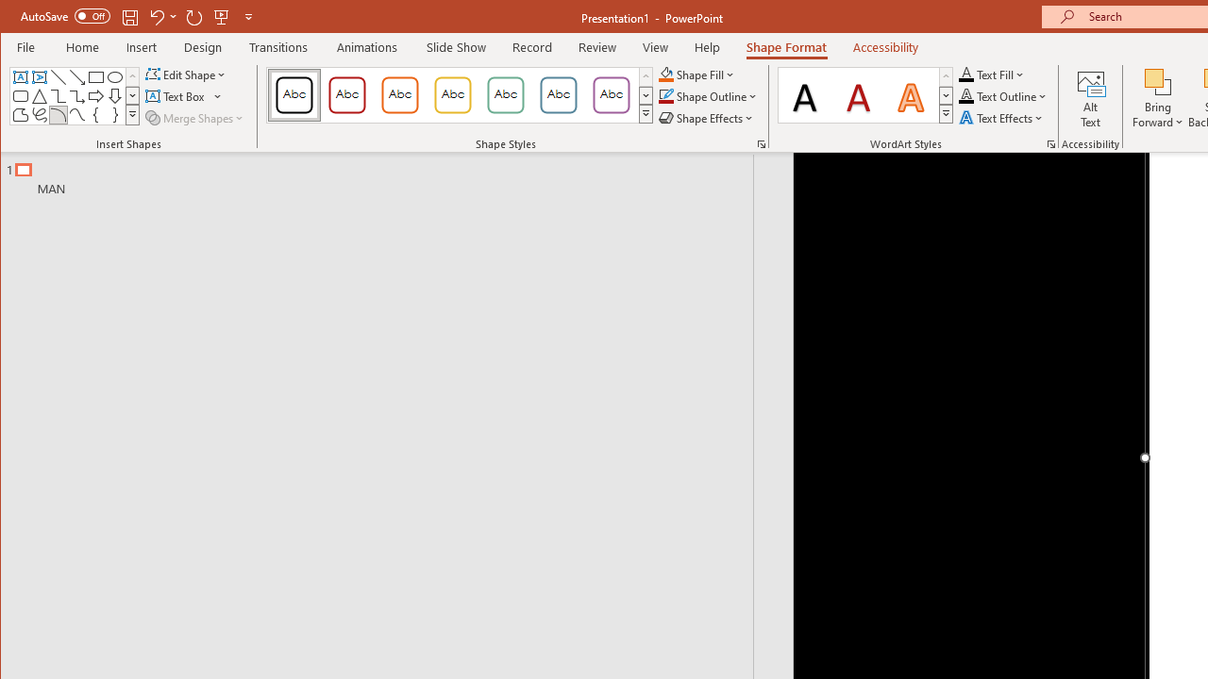  Describe the element at coordinates (864, 95) in the screenshot. I see `'AutomationID: TextStylesGallery'` at that location.